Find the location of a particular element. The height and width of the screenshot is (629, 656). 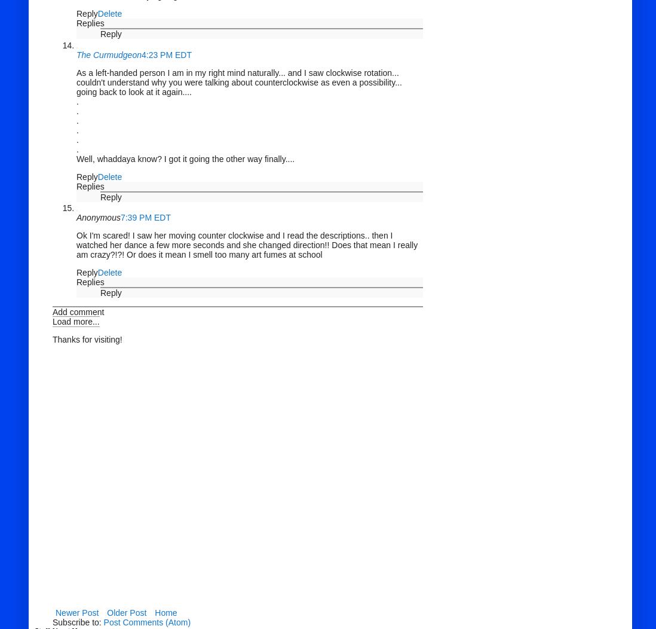

'Add comment' is located at coordinates (78, 312).